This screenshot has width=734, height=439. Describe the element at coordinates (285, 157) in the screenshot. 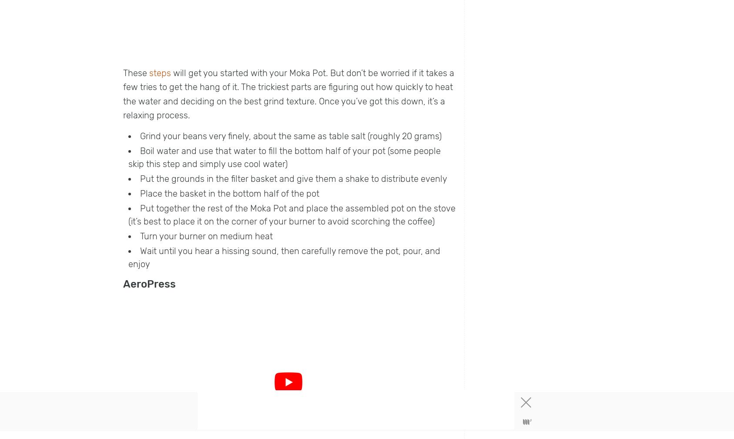

I see `'Boil water and use that water to fill the bottom half of your pot (some people skip this step and simply use cool water)'` at that location.